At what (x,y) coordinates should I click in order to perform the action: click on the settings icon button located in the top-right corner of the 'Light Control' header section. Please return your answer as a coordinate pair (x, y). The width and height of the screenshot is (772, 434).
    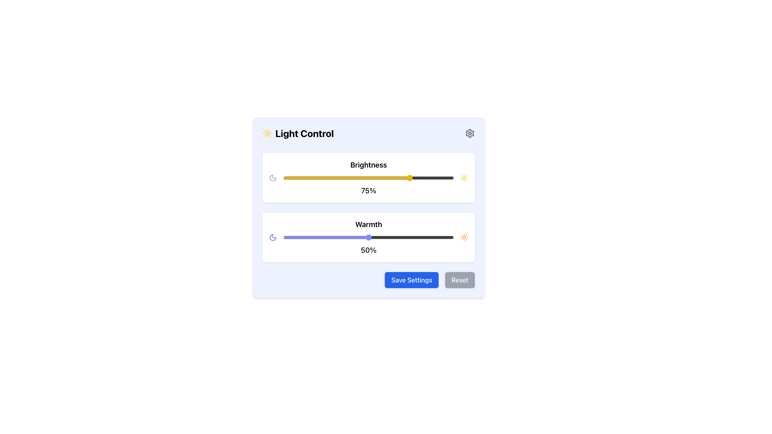
    Looking at the image, I should click on (470, 133).